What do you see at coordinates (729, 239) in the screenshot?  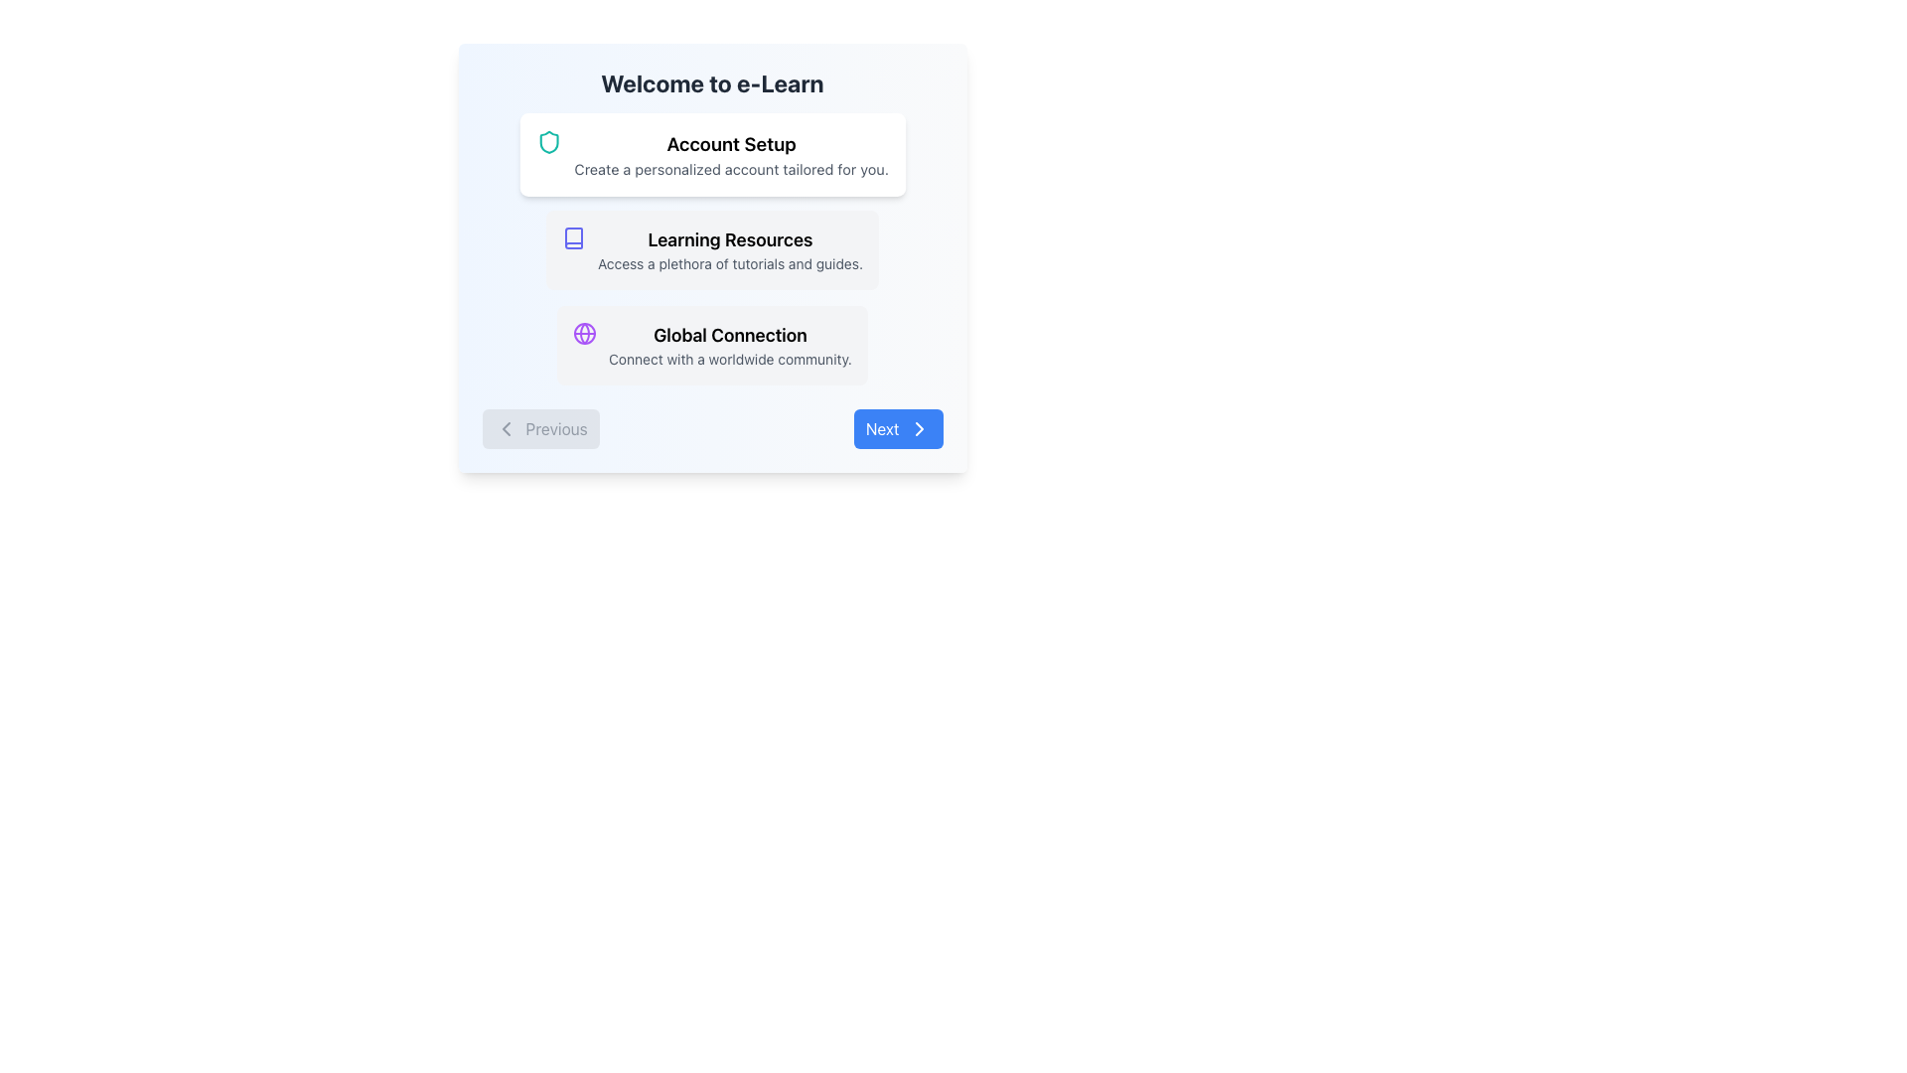 I see `the 'Learning Resources' text label, which serves as the title for the corresponding option in the selection menu, located below the 'Welcome to e-Learn' header` at bounding box center [729, 239].